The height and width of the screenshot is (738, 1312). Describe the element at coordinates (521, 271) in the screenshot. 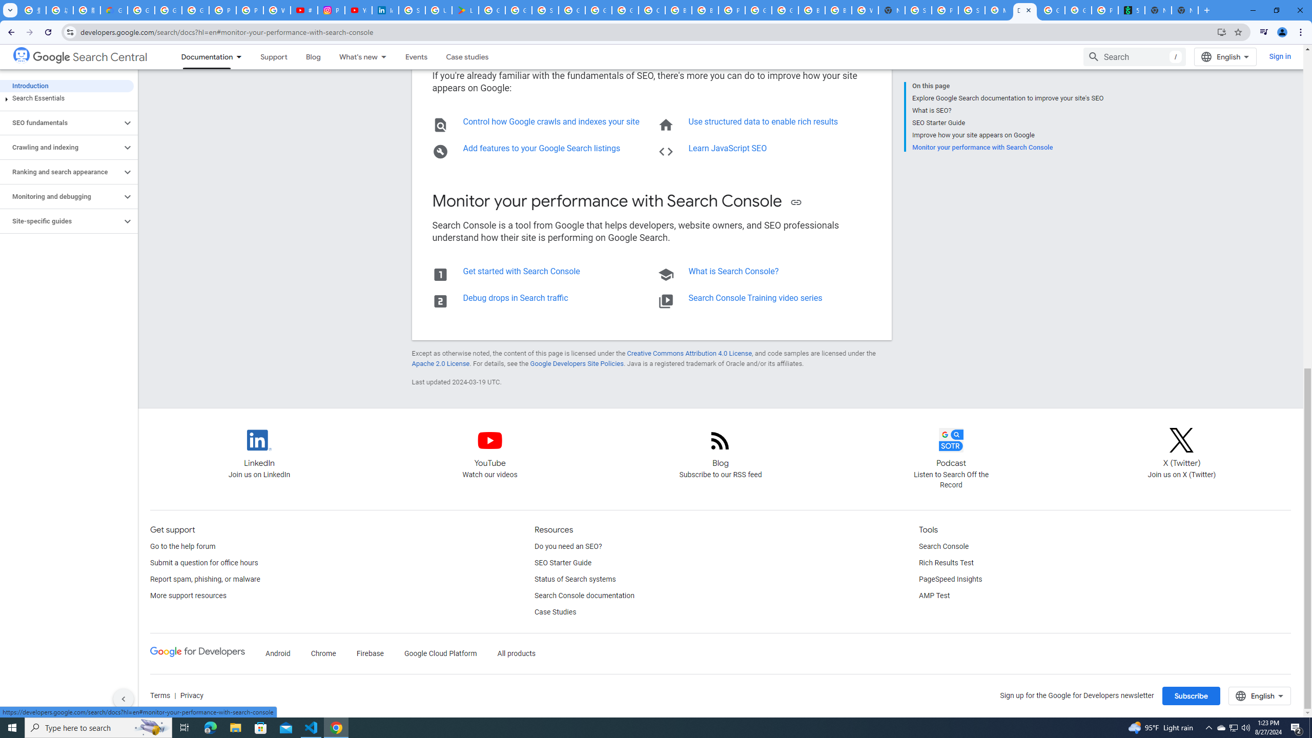

I see `'Get started with Search Console'` at that location.